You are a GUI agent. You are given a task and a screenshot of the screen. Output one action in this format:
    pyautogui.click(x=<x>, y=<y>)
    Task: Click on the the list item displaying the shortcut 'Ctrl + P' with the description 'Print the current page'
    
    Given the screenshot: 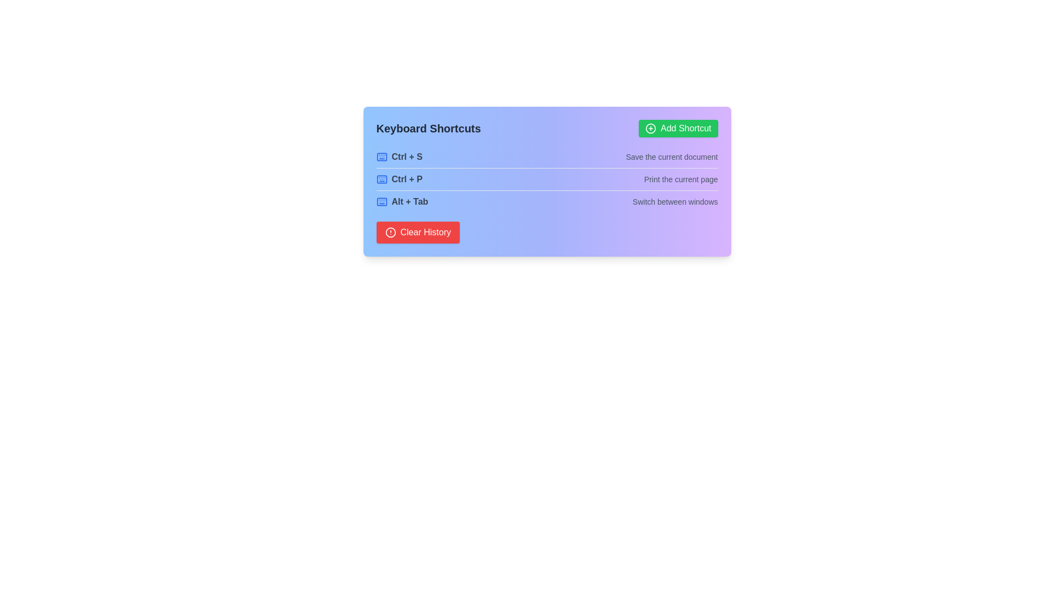 What is the action you would take?
    pyautogui.click(x=547, y=178)
    